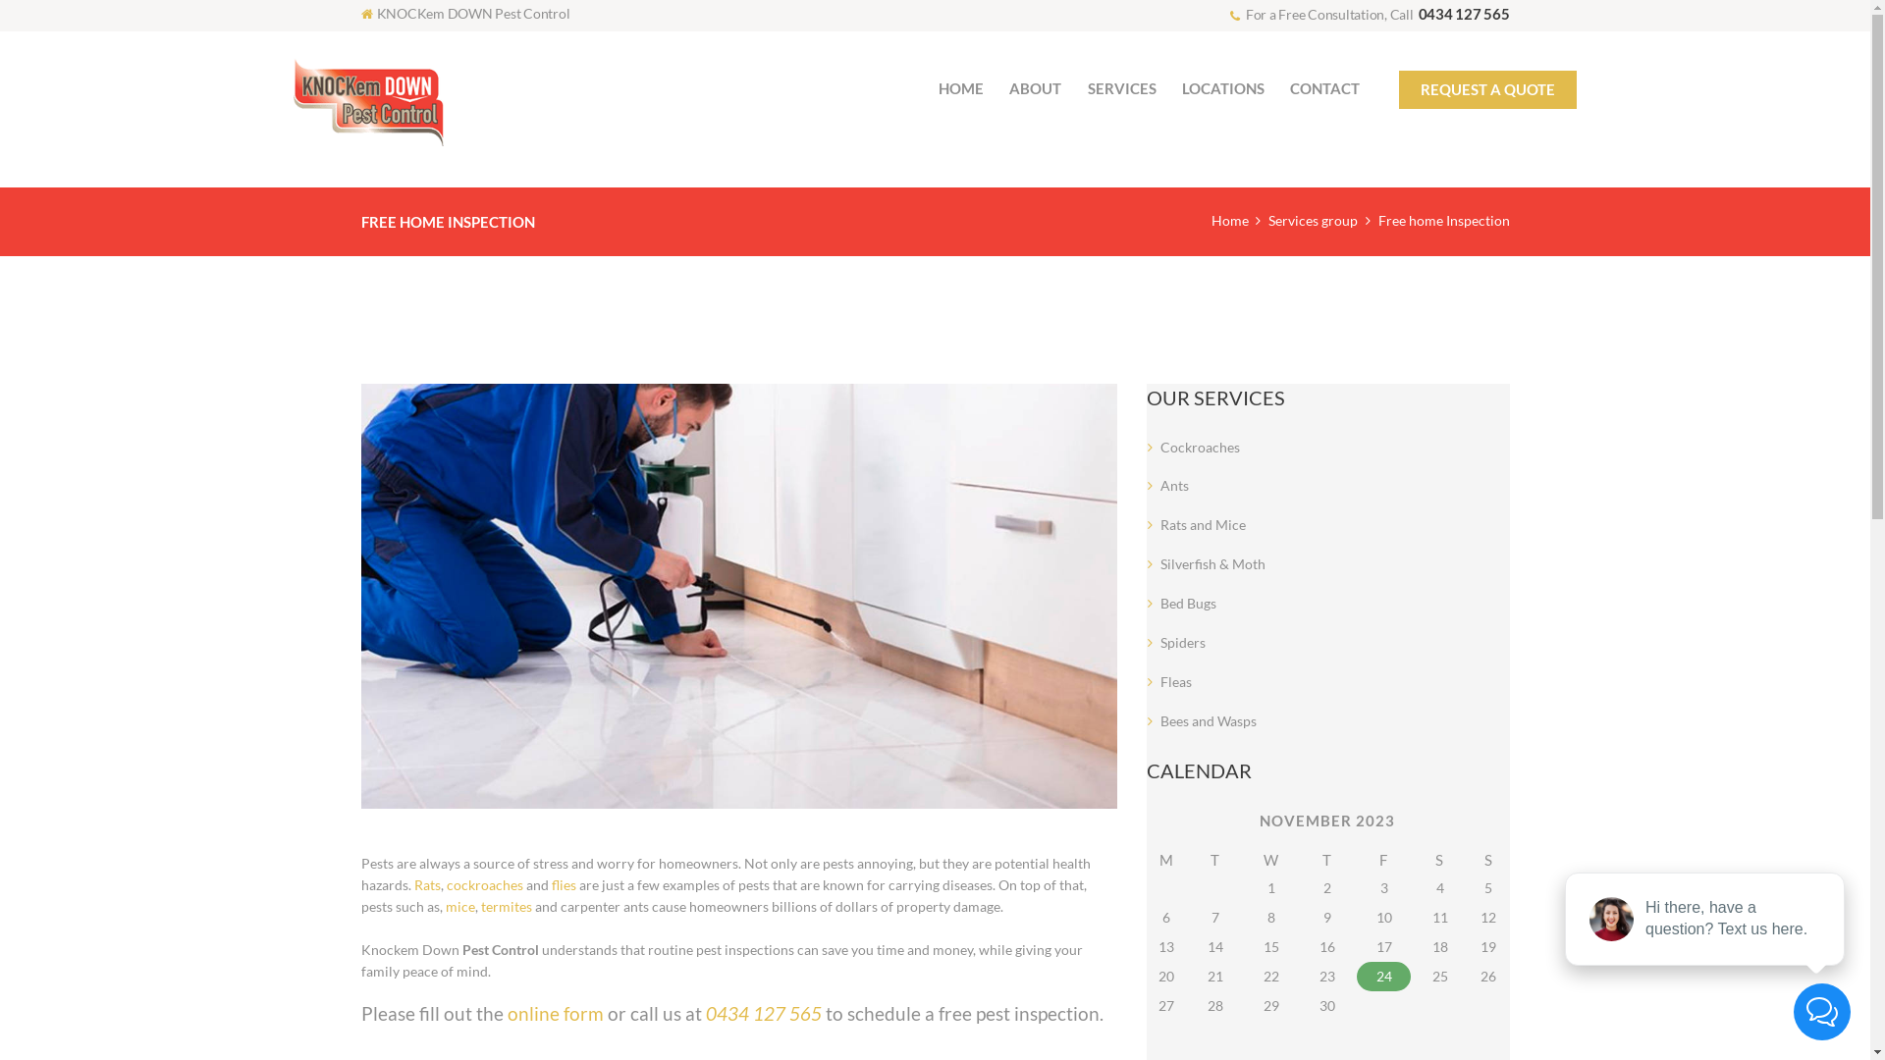 The height and width of the screenshot is (1060, 1885). Describe the element at coordinates (563, 884) in the screenshot. I see `'flies'` at that location.